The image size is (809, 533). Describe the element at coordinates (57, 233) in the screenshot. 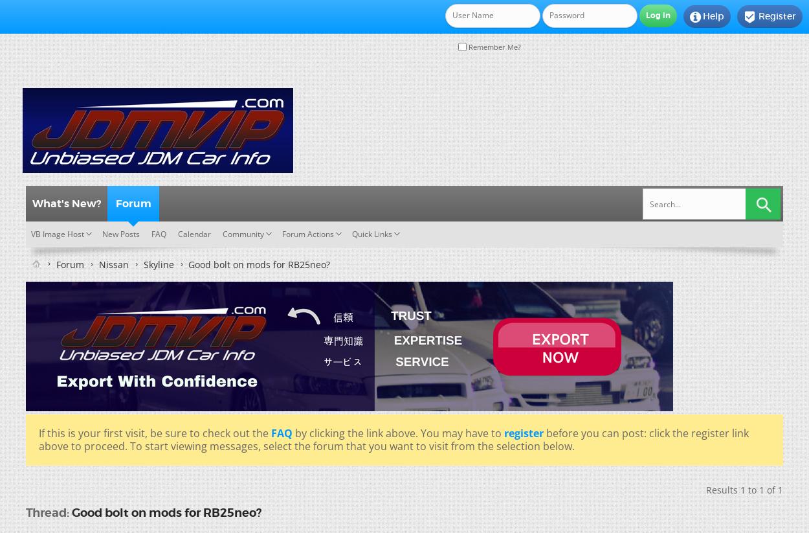

I see `'VB Image Host'` at that location.